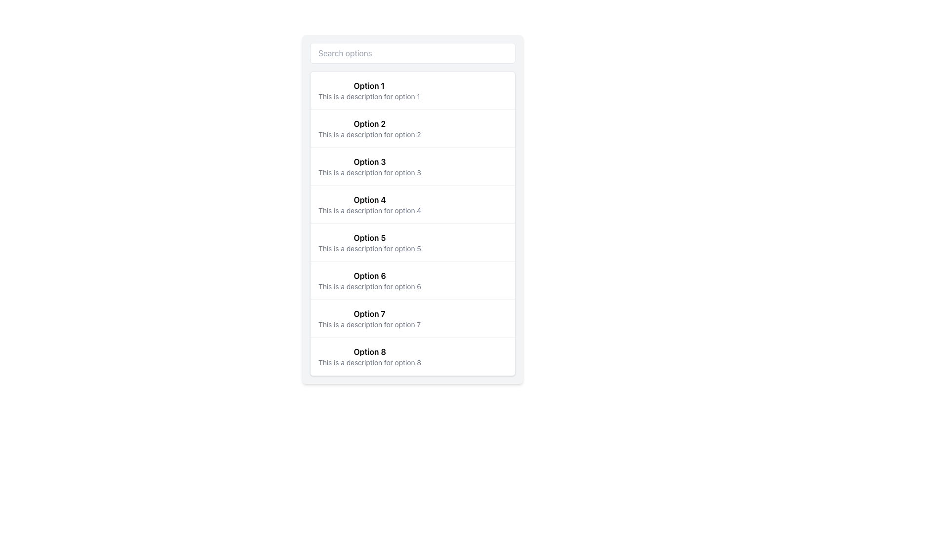 The image size is (948, 533). What do you see at coordinates (369, 161) in the screenshot?
I see `the text label 'Option 3', which is the title for the third item in a vertical list of options` at bounding box center [369, 161].